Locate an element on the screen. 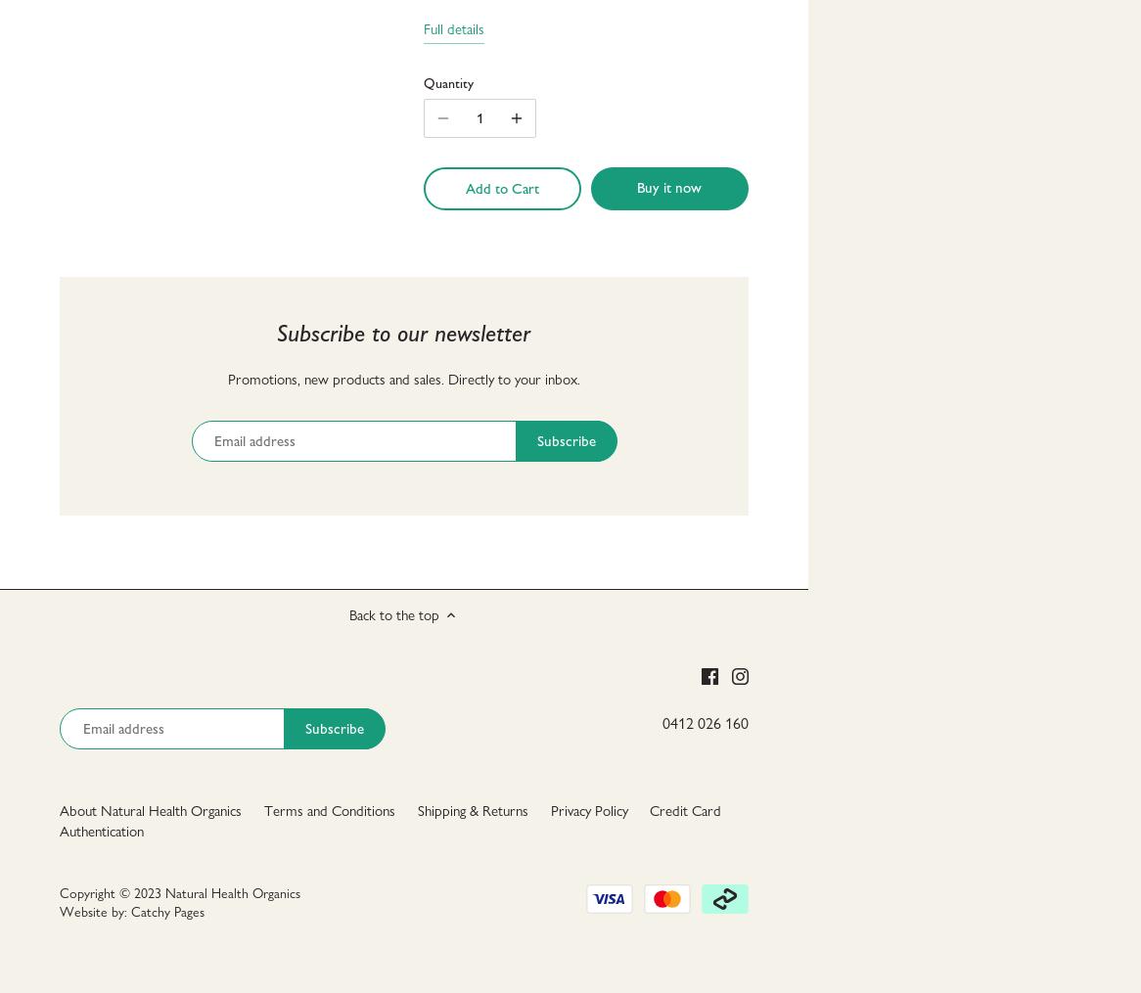  'Promotions, new products and sales. Directly to your inbox.' is located at coordinates (226, 379).